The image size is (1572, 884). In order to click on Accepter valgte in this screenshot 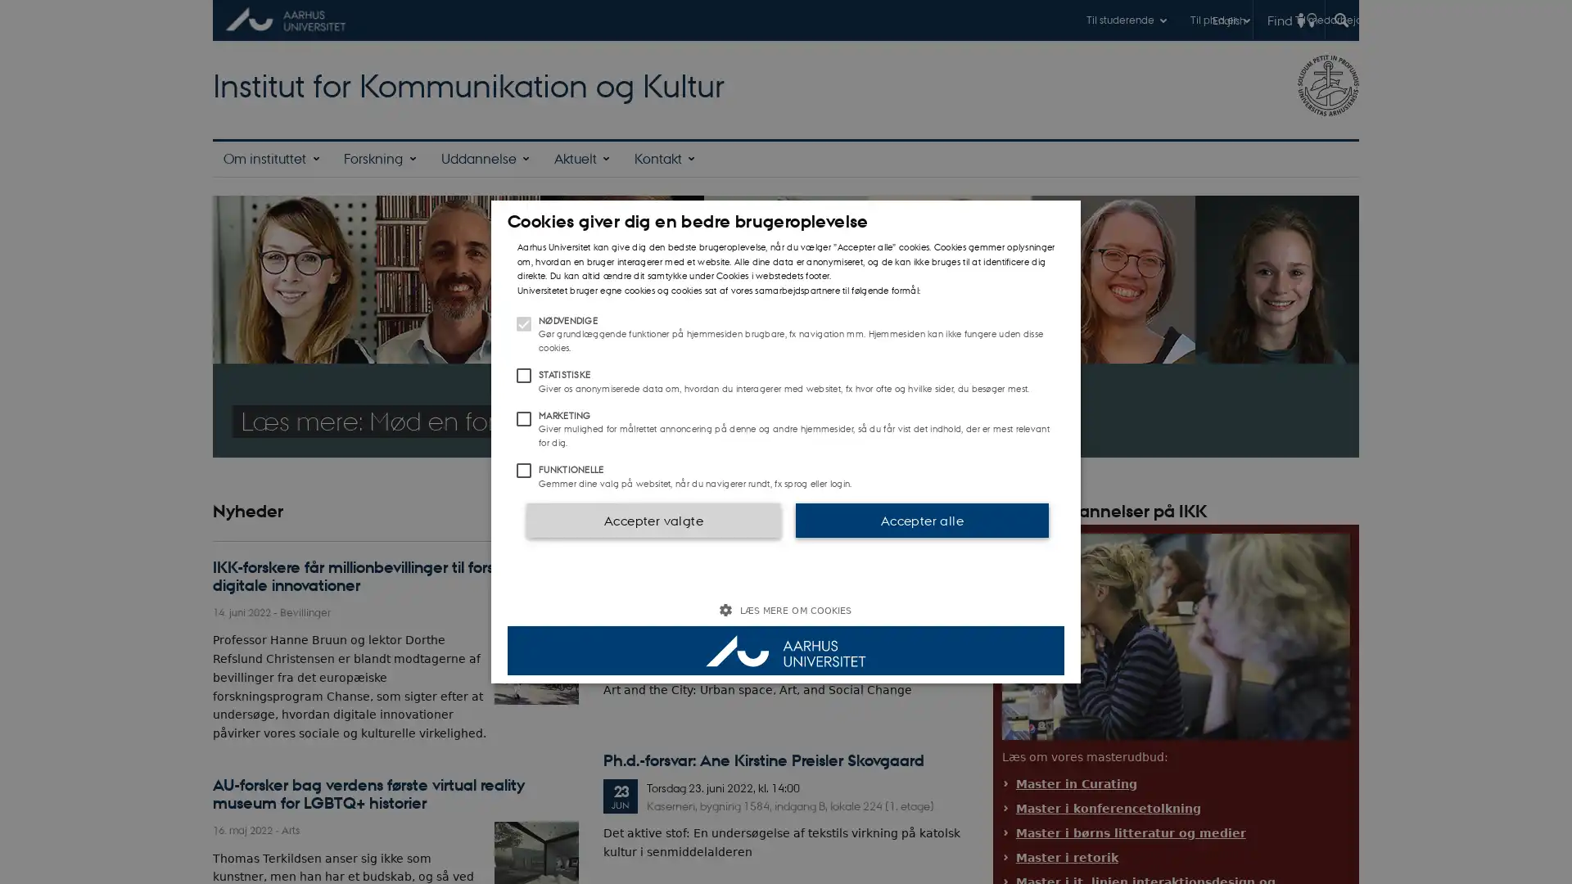, I will do `click(652, 520)`.